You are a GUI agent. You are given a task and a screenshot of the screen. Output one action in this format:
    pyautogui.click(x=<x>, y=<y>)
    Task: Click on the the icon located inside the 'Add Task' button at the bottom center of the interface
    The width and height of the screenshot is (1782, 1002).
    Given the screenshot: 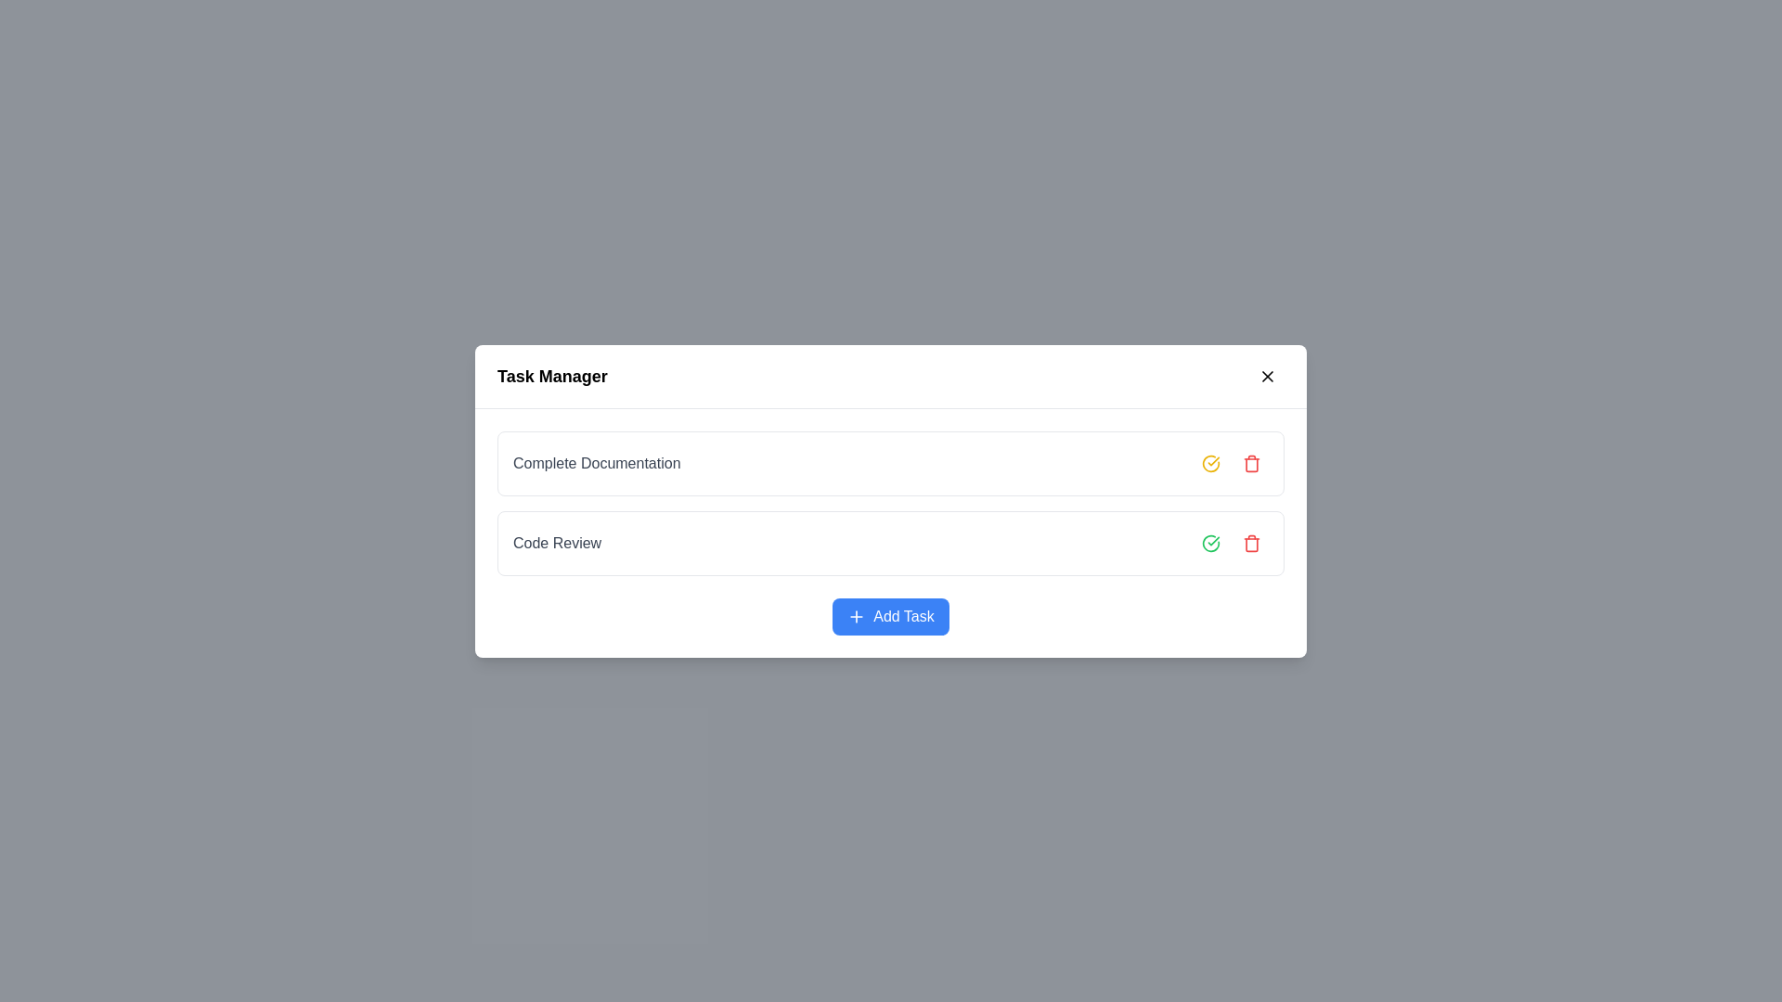 What is the action you would take?
    pyautogui.click(x=855, y=615)
    